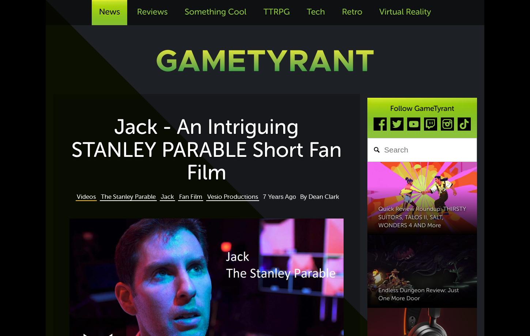 This screenshot has width=530, height=336. What do you see at coordinates (319, 196) in the screenshot?
I see `'by Dean Clark'` at bounding box center [319, 196].